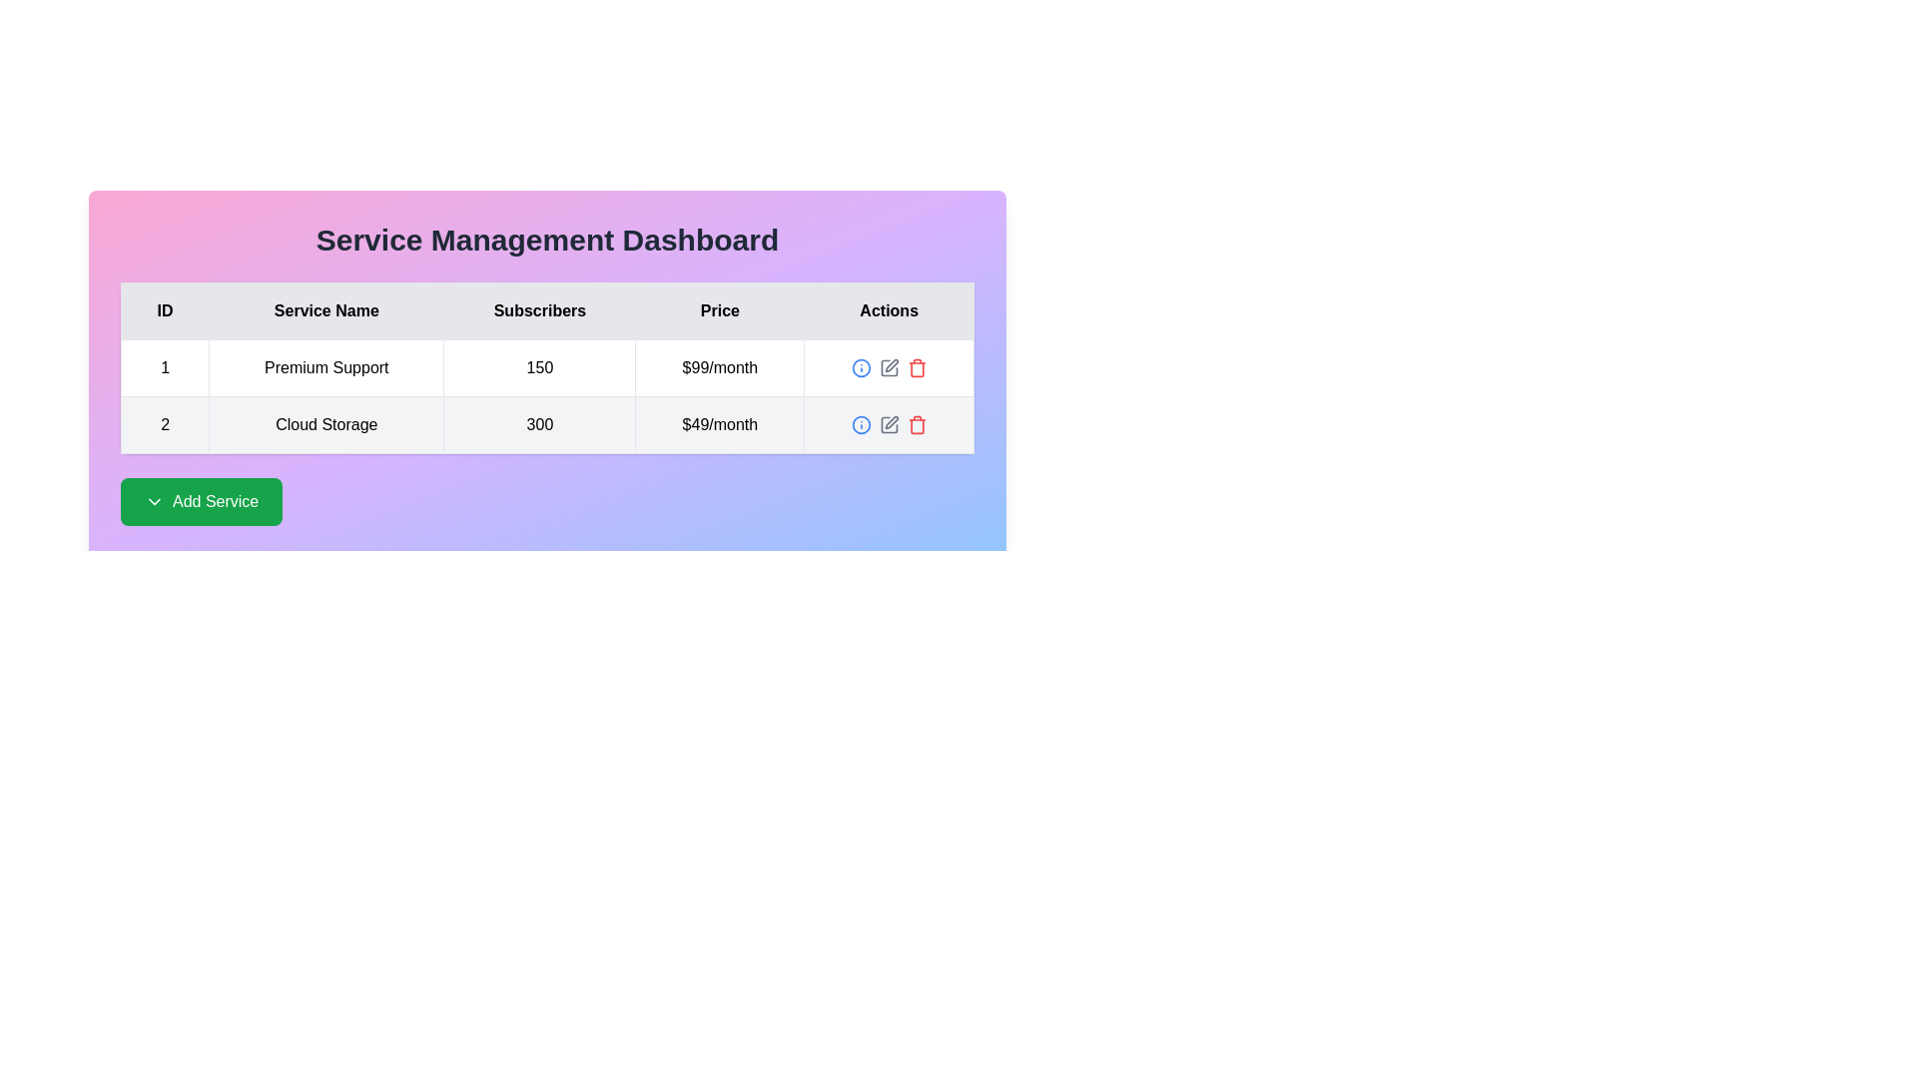  What do you see at coordinates (547, 500) in the screenshot?
I see `the prominent green 'Add Service' button with rounded corners located at the bottom left of the 'Service Management Dashboard'` at bounding box center [547, 500].